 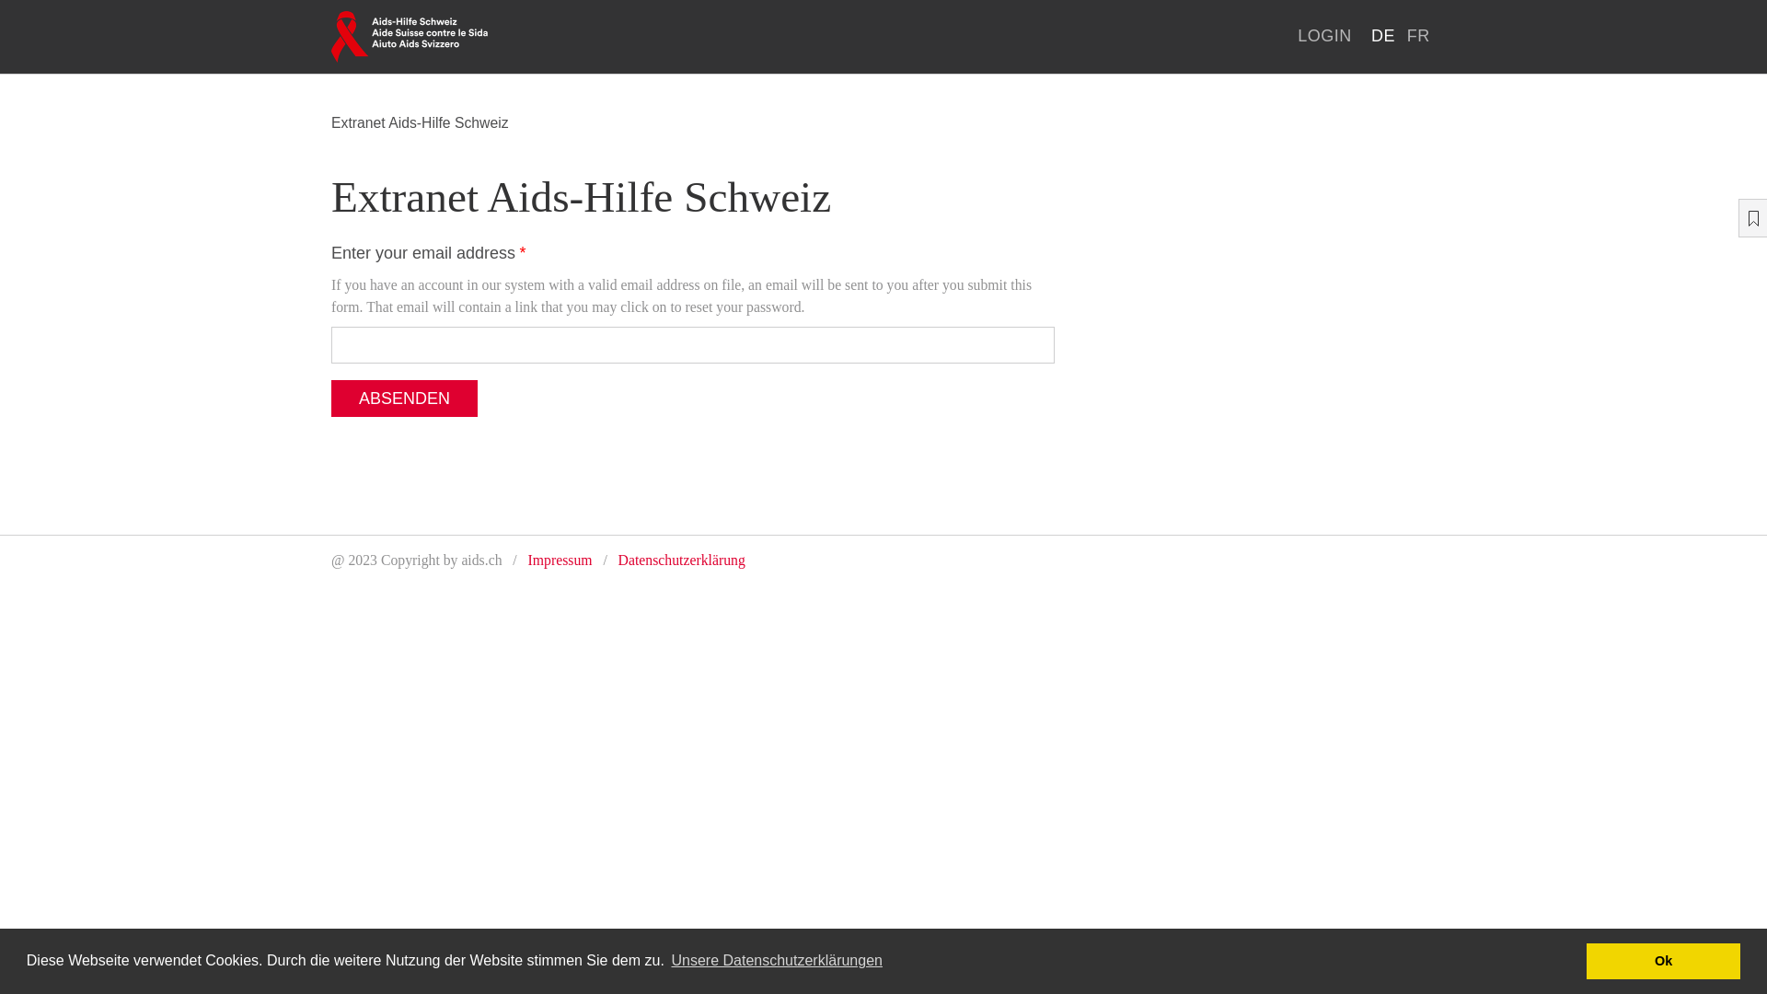 I want to click on 'FR', so click(x=1416, y=36).